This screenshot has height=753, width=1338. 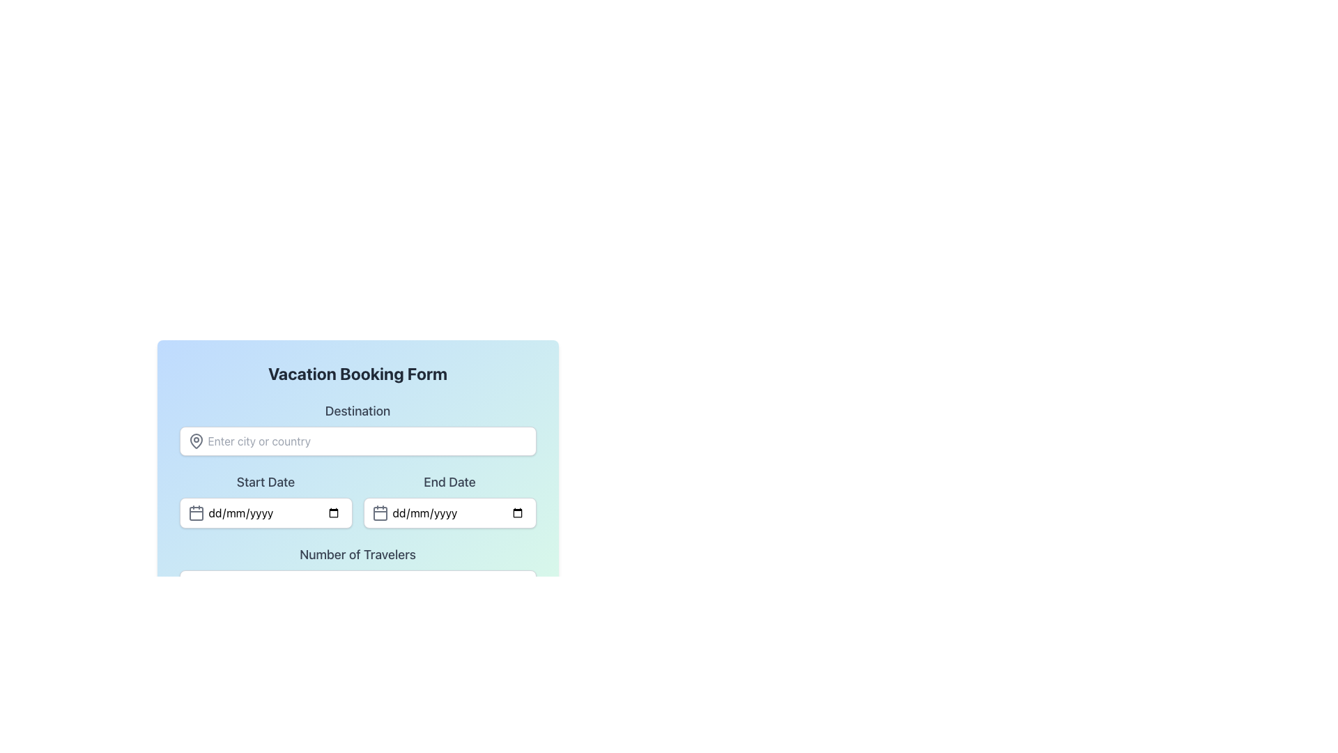 What do you see at coordinates (357, 505) in the screenshot?
I see `the vacation booking form` at bounding box center [357, 505].